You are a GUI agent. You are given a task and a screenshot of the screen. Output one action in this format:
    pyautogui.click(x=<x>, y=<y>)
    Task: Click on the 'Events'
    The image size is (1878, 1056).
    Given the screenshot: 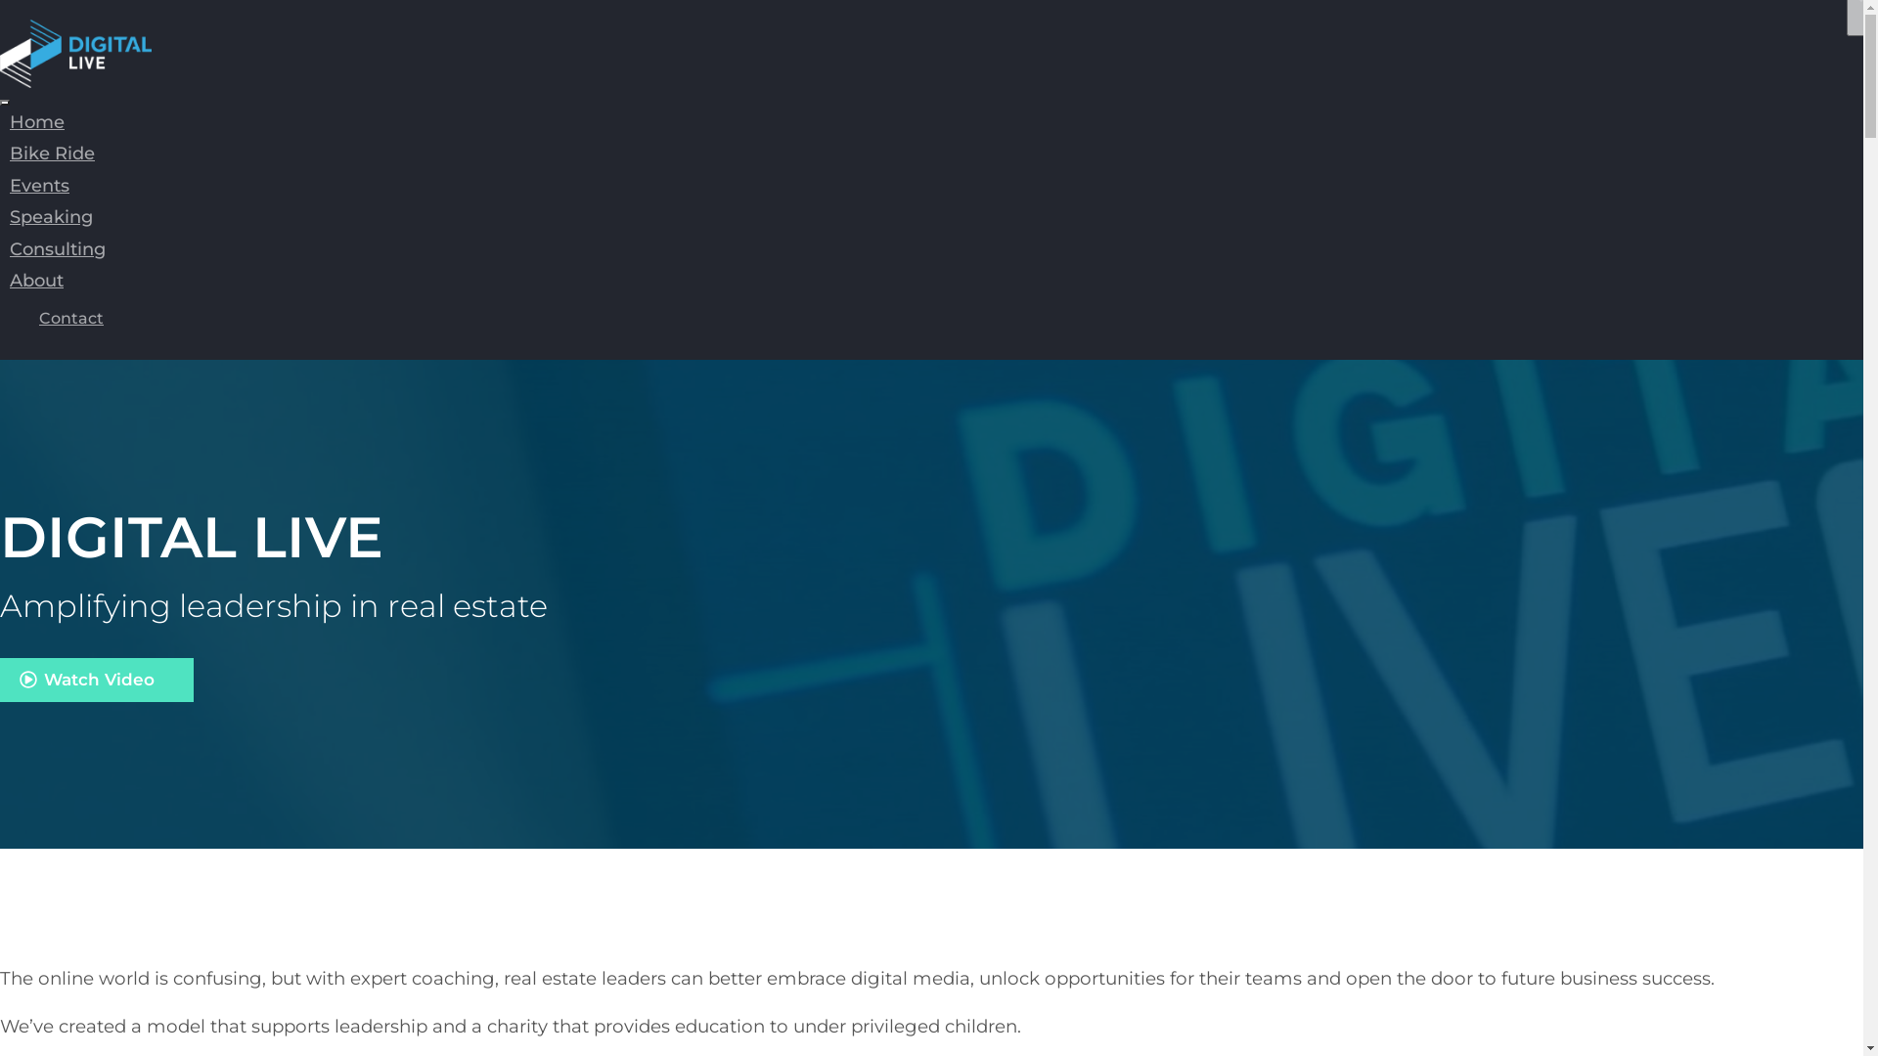 What is the action you would take?
    pyautogui.click(x=39, y=185)
    